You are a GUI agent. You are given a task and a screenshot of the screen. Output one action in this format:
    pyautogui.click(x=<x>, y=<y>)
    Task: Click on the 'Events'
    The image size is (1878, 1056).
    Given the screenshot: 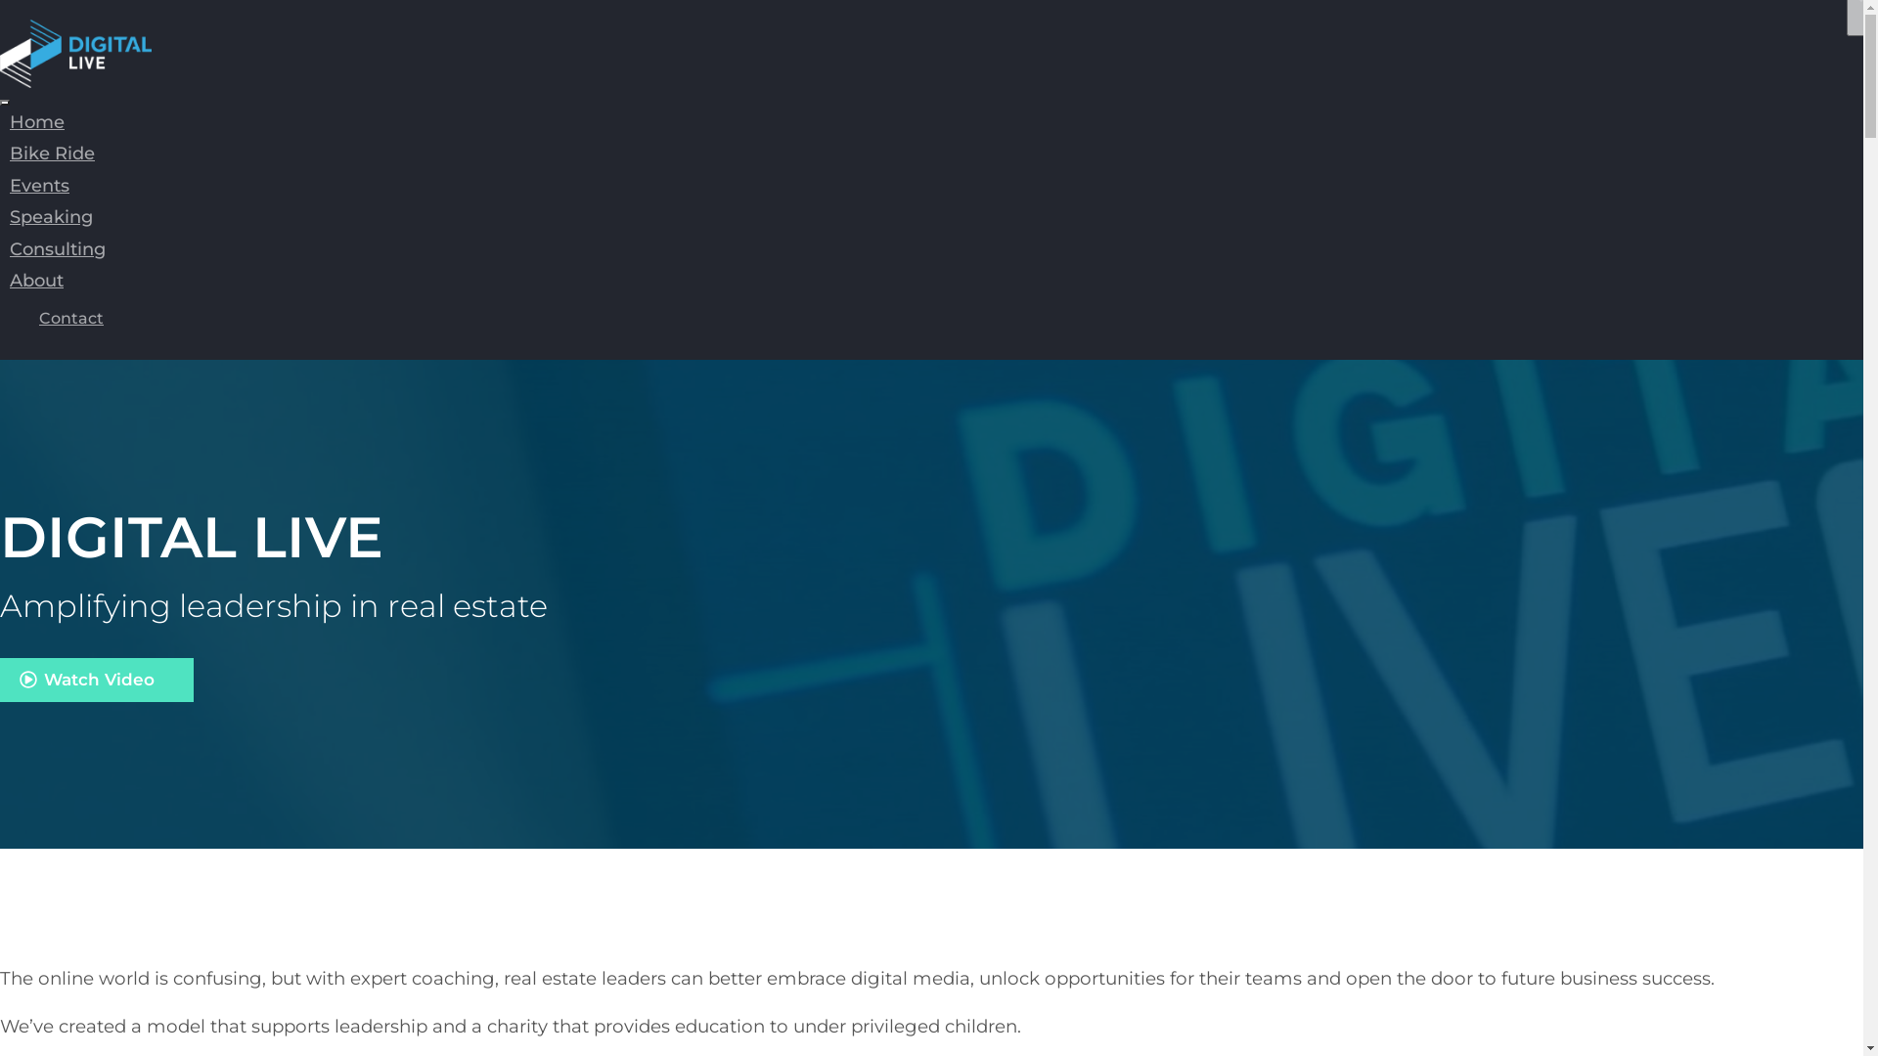 What is the action you would take?
    pyautogui.click(x=39, y=185)
    